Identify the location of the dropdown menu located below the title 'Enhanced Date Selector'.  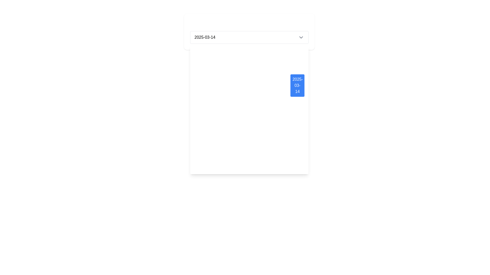
(249, 37).